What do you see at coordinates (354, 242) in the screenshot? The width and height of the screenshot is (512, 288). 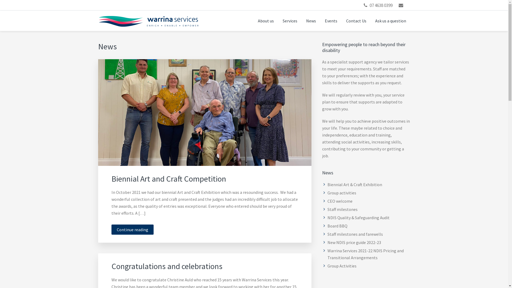 I see `'New NDIS price guide 2022-23'` at bounding box center [354, 242].